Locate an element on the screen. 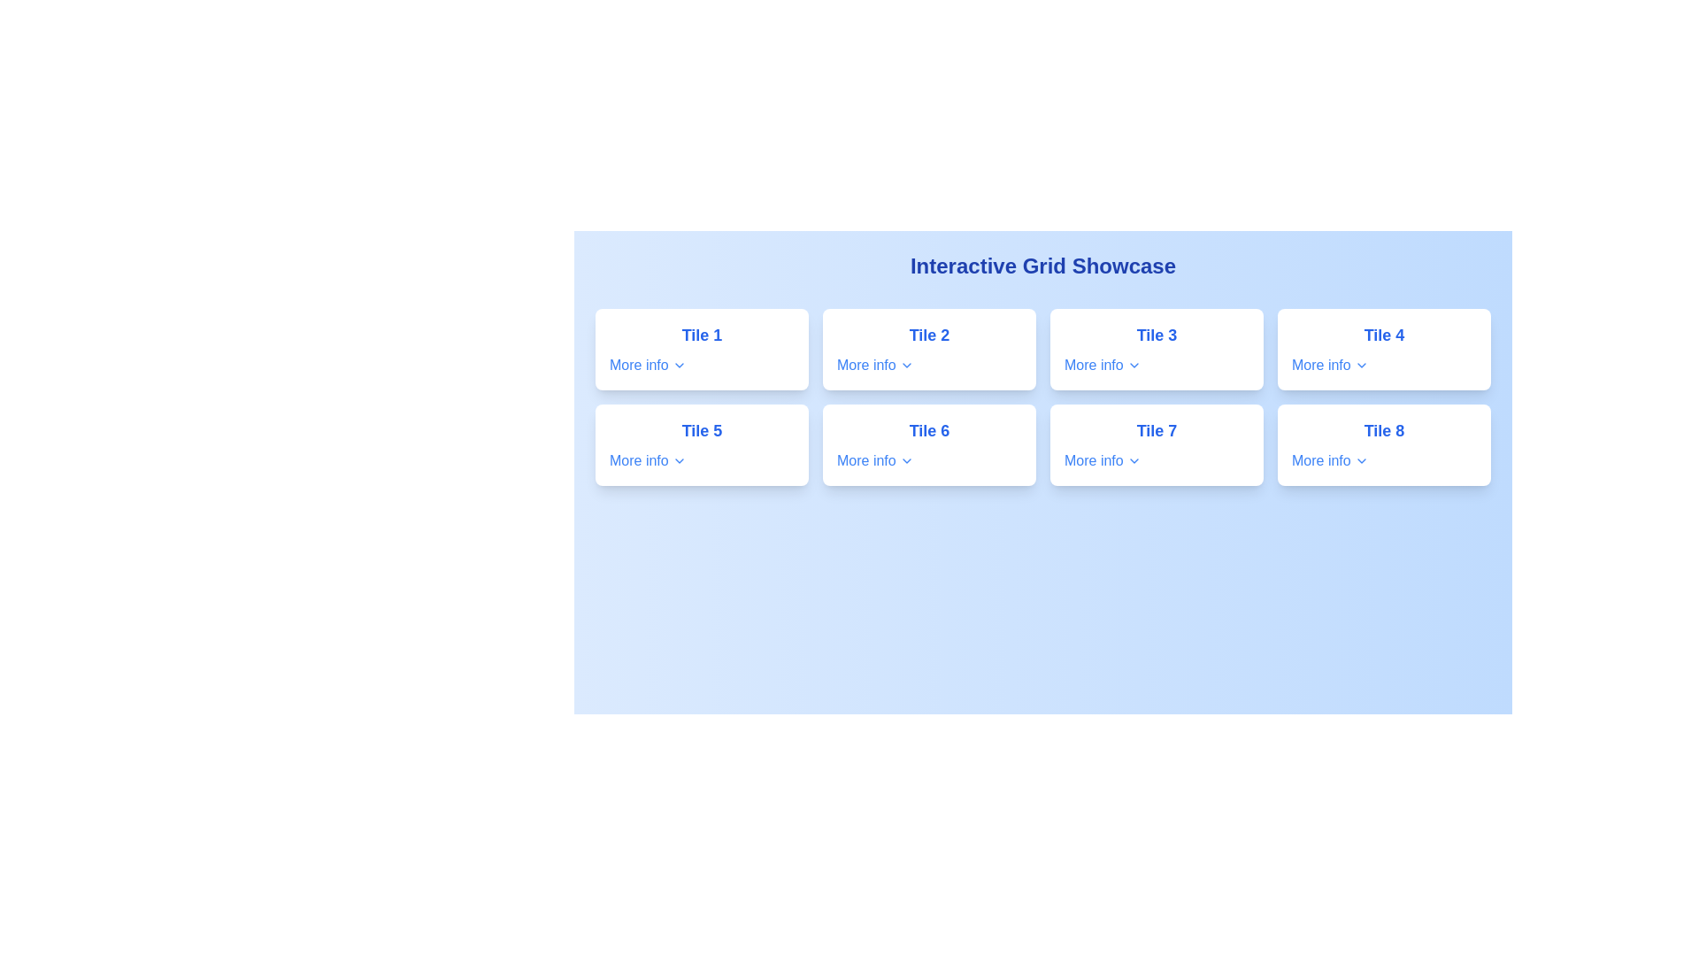 The width and height of the screenshot is (1699, 956). the chevron icon in the 'More info' section of 'Tile 7' is located at coordinates (1134, 459).